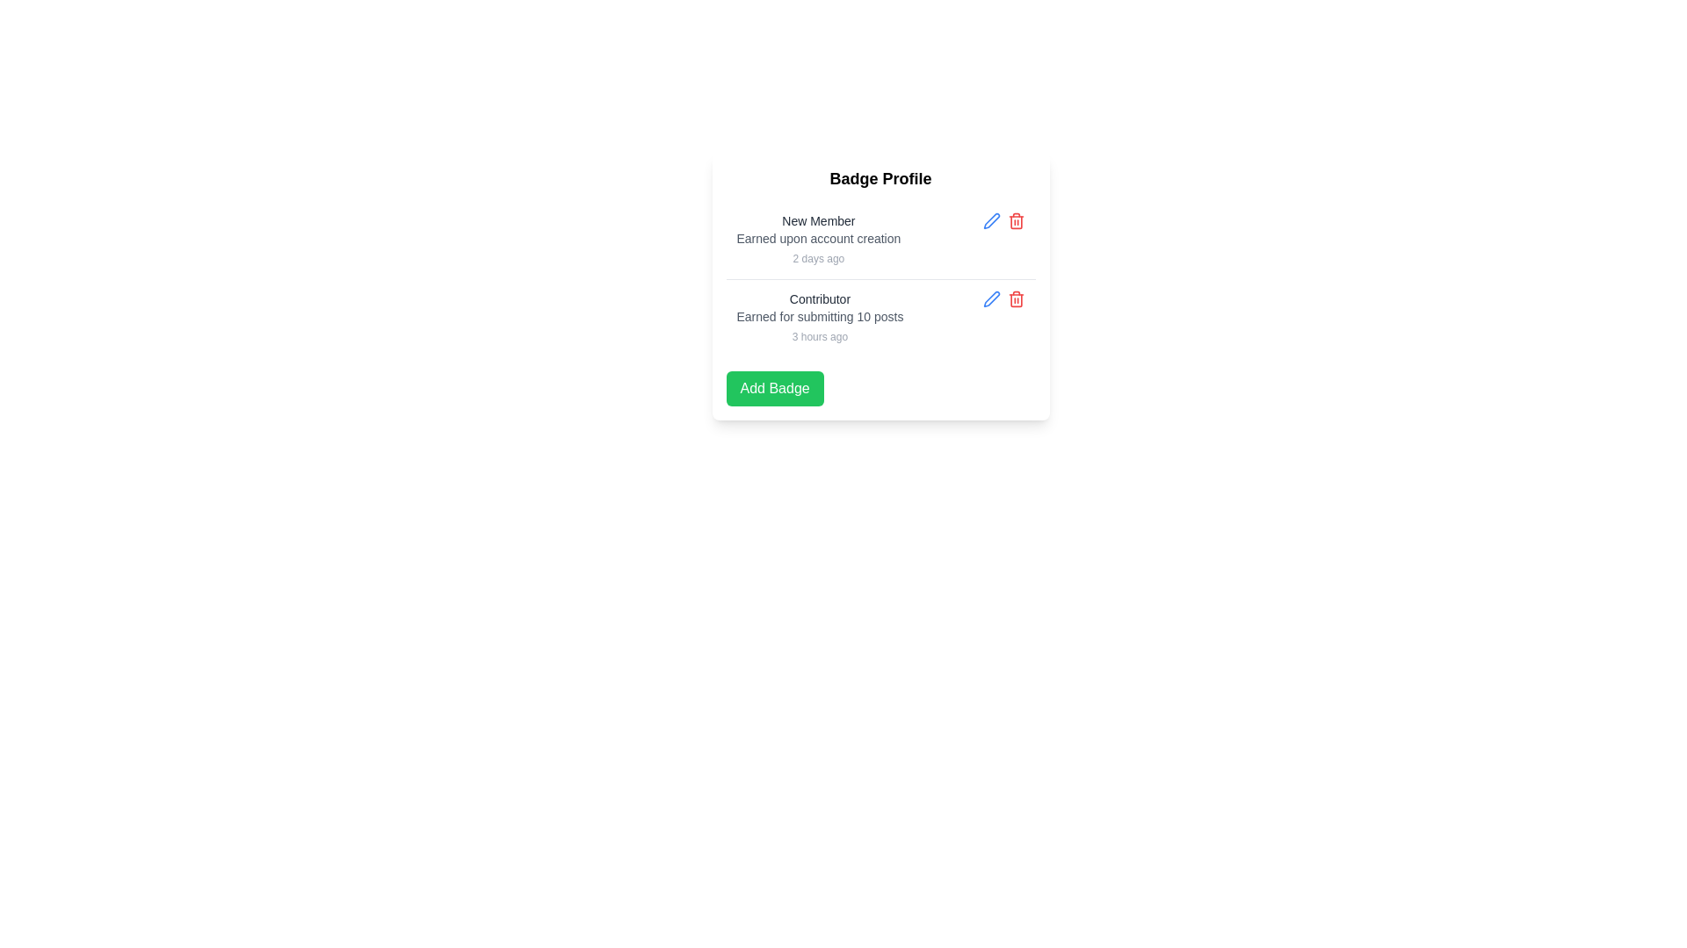 The width and height of the screenshot is (1687, 948). What do you see at coordinates (991, 219) in the screenshot?
I see `the button located in the top-right corner of the 'Contributor' item` at bounding box center [991, 219].